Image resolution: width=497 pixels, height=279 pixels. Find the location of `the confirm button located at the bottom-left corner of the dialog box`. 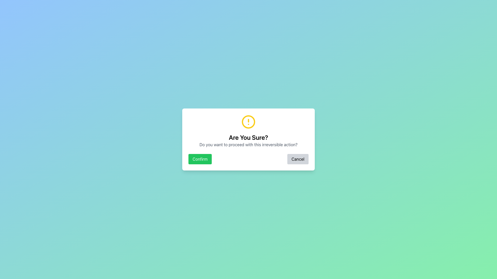

the confirm button located at the bottom-left corner of the dialog box is located at coordinates (200, 159).